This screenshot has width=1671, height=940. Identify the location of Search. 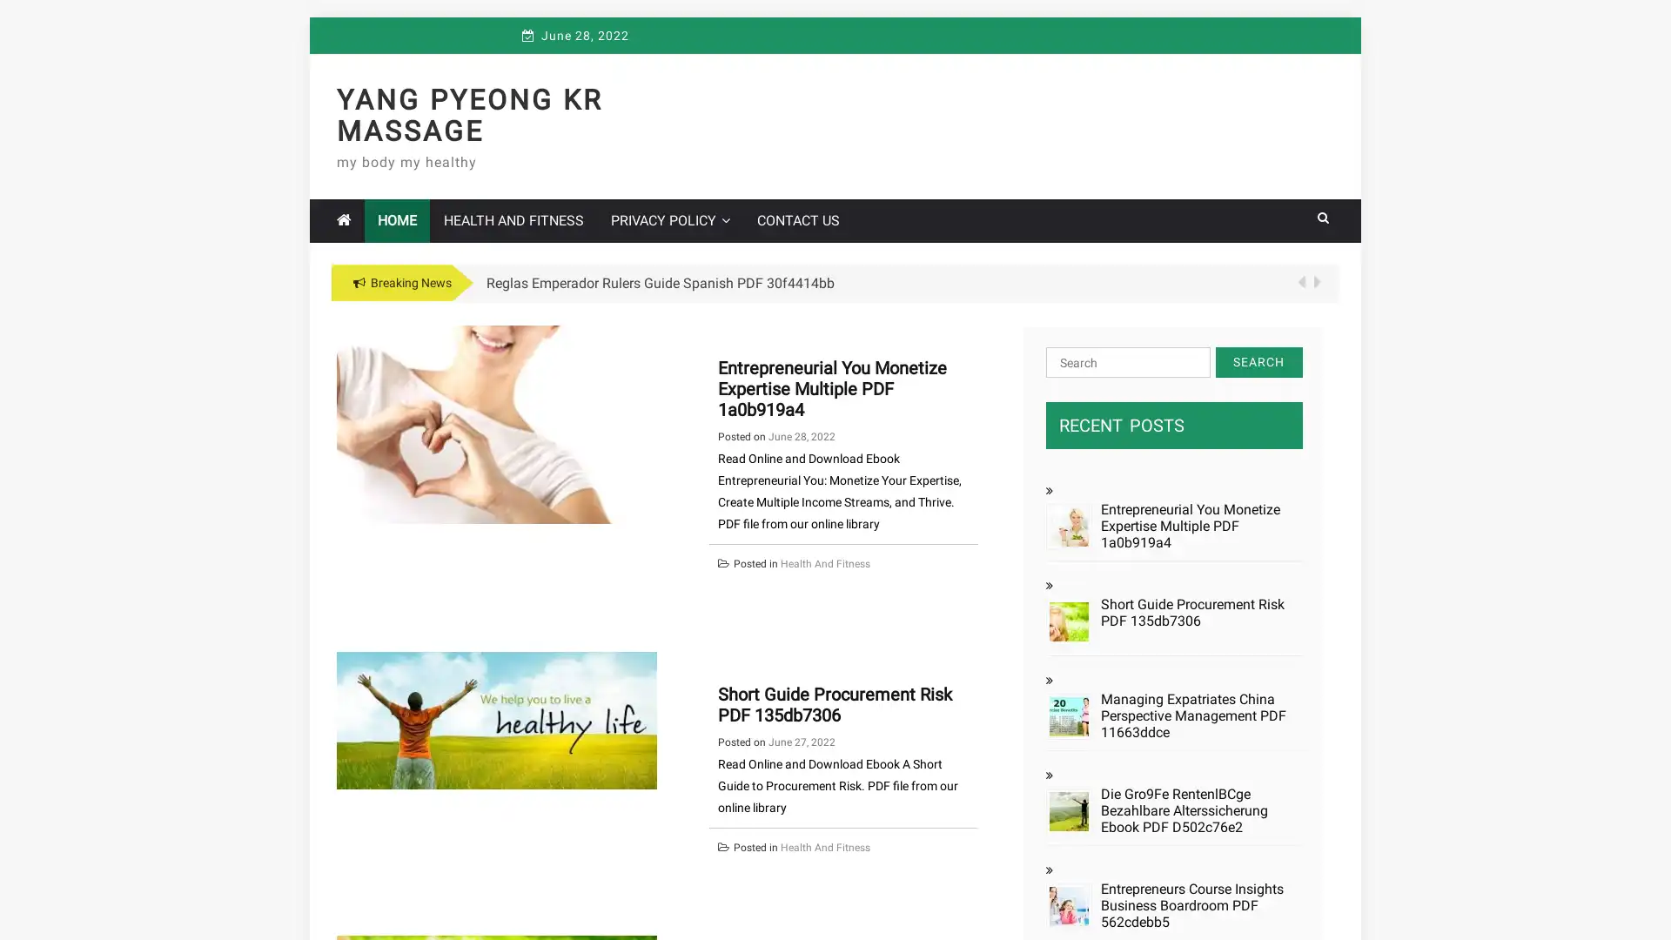
(1258, 361).